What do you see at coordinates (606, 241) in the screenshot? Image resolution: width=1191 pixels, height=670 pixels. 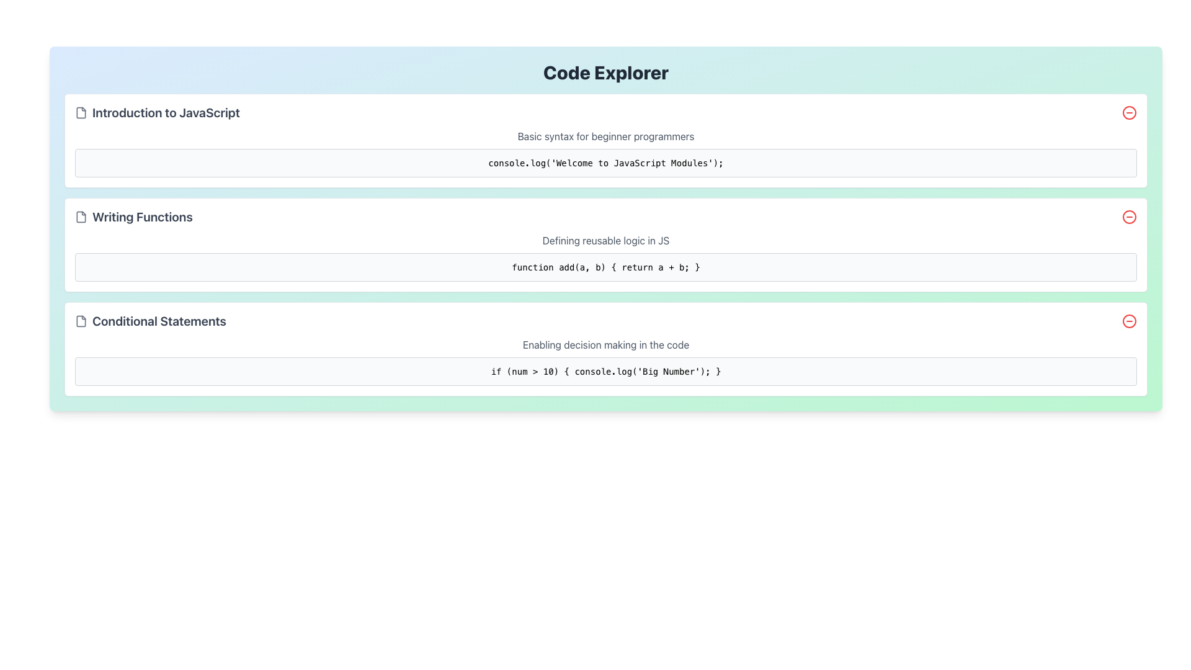 I see `the static text label that serves as a descriptor for the subsequent code example in the 'Writing Functions' section` at bounding box center [606, 241].